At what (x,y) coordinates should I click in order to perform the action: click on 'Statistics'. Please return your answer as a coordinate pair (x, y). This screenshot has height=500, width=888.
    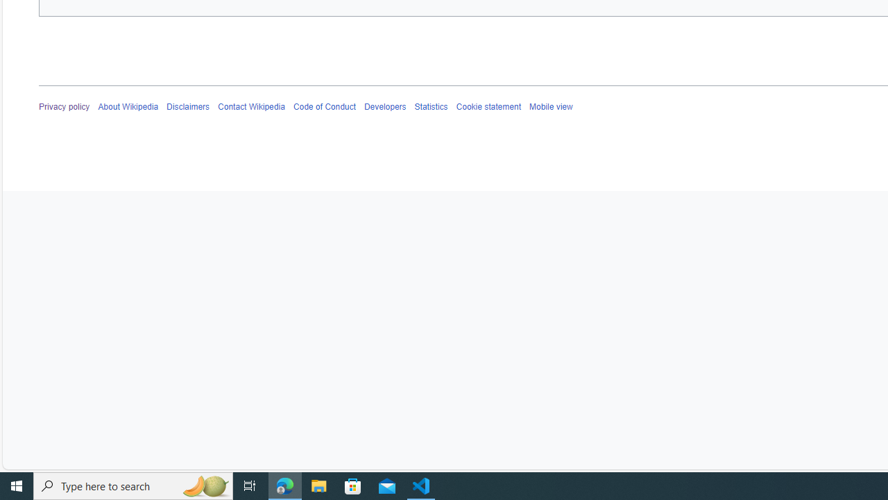
    Looking at the image, I should click on (430, 106).